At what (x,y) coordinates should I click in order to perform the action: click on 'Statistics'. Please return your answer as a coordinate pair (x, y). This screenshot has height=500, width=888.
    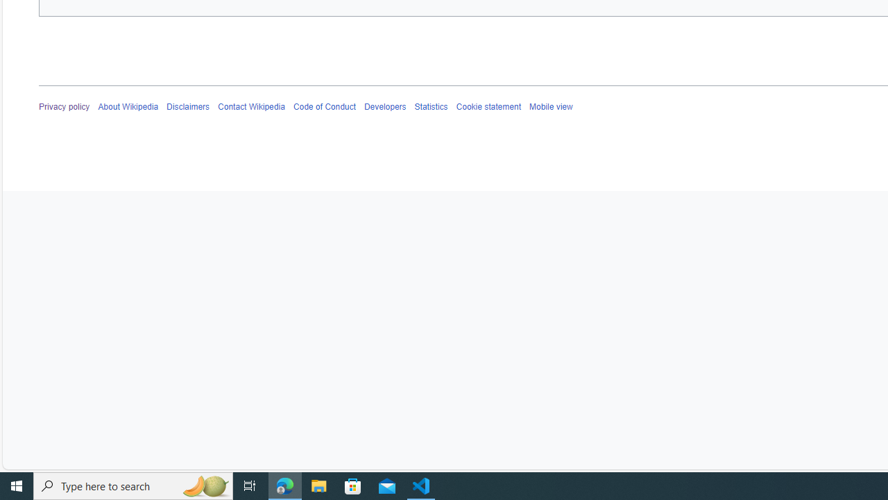
    Looking at the image, I should click on (430, 106).